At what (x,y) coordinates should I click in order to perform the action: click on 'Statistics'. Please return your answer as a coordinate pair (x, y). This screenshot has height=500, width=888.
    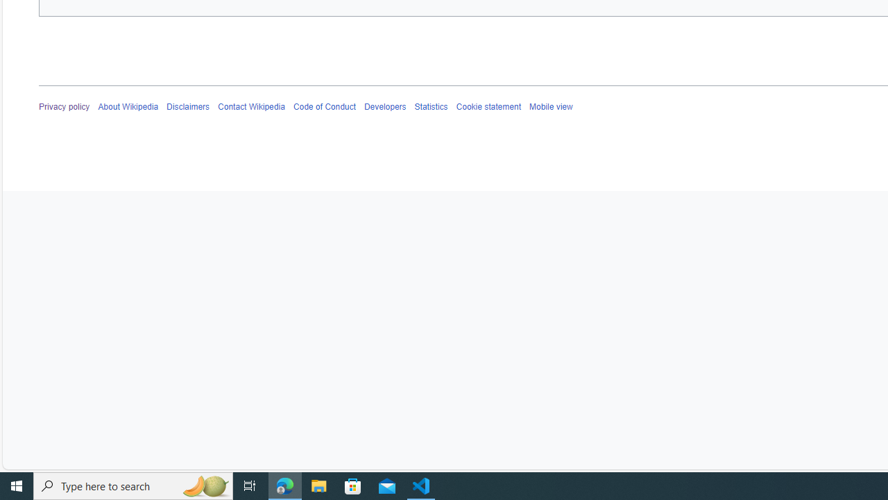
    Looking at the image, I should click on (430, 106).